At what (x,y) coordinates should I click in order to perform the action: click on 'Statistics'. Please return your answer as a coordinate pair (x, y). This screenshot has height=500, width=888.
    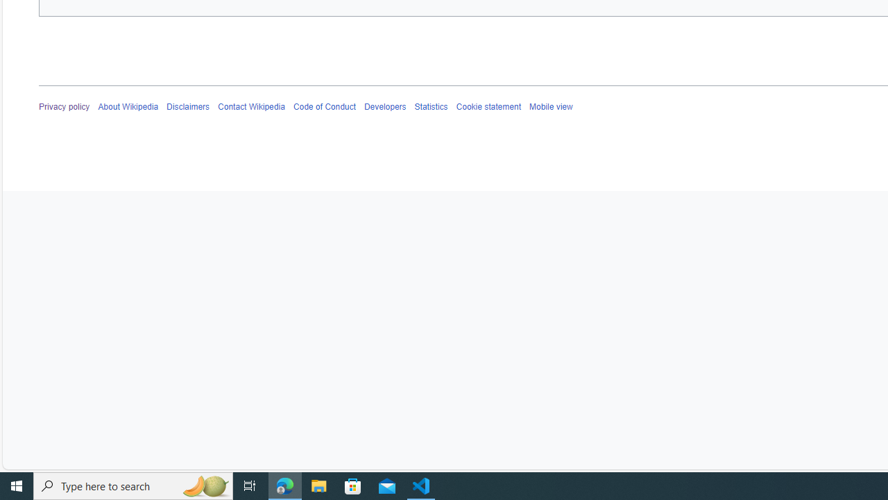
    Looking at the image, I should click on (430, 106).